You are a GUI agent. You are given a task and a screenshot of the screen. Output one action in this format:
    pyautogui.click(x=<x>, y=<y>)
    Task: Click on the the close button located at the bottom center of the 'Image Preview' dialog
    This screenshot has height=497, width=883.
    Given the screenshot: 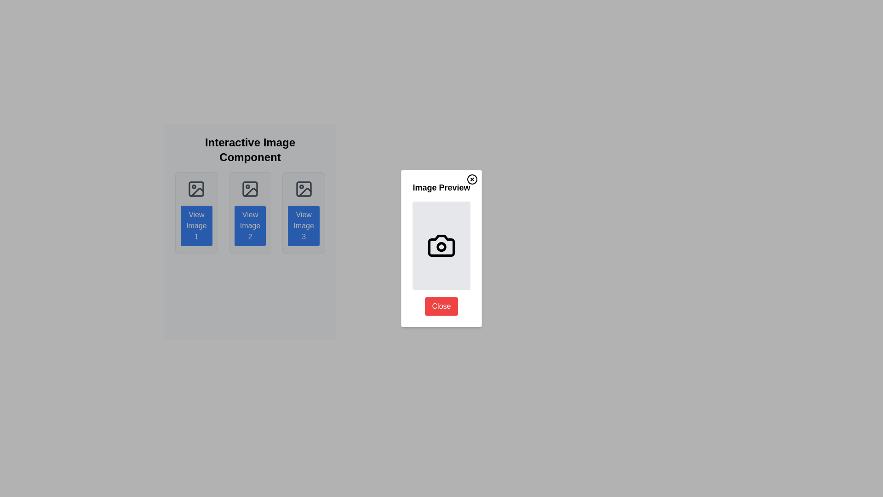 What is the action you would take?
    pyautogui.click(x=441, y=306)
    